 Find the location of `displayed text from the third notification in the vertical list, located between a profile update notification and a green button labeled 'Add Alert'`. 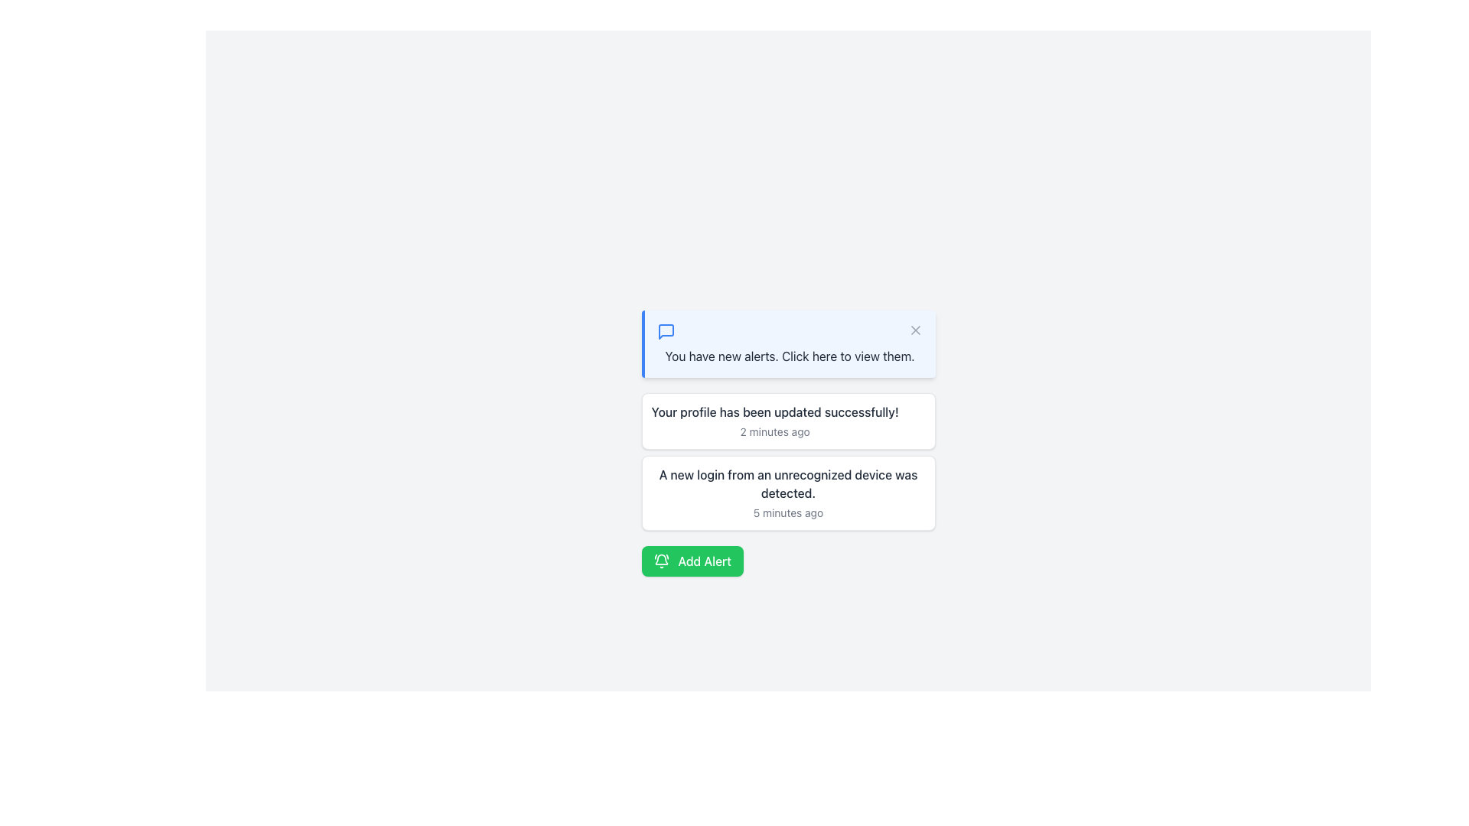

displayed text from the third notification in the vertical list, located between a profile update notification and a green button labeled 'Add Alert' is located at coordinates (788, 493).